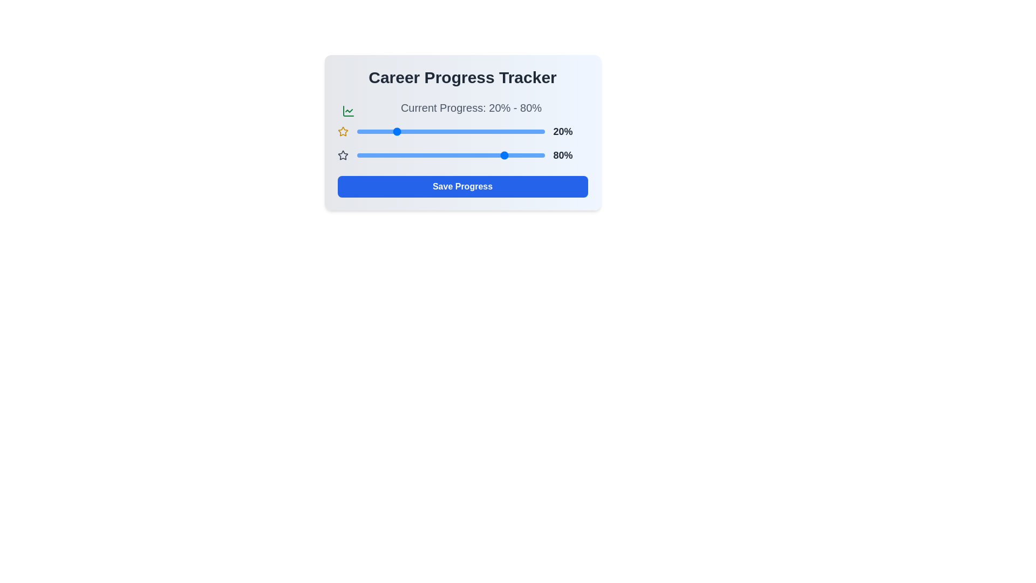 Image resolution: width=1036 pixels, height=583 pixels. Describe the element at coordinates (502, 155) in the screenshot. I see `the second progress slider to 78%` at that location.